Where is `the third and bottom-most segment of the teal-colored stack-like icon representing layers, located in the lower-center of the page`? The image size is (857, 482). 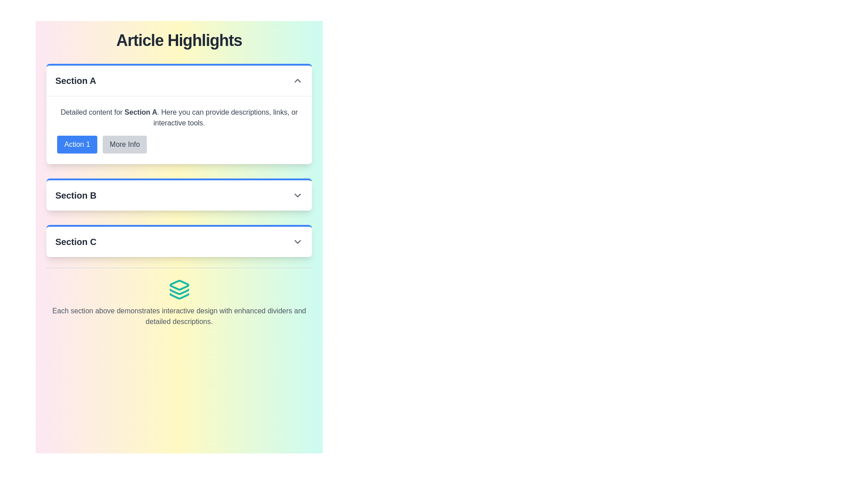 the third and bottom-most segment of the teal-colored stack-like icon representing layers, located in the lower-center of the page is located at coordinates (179, 296).